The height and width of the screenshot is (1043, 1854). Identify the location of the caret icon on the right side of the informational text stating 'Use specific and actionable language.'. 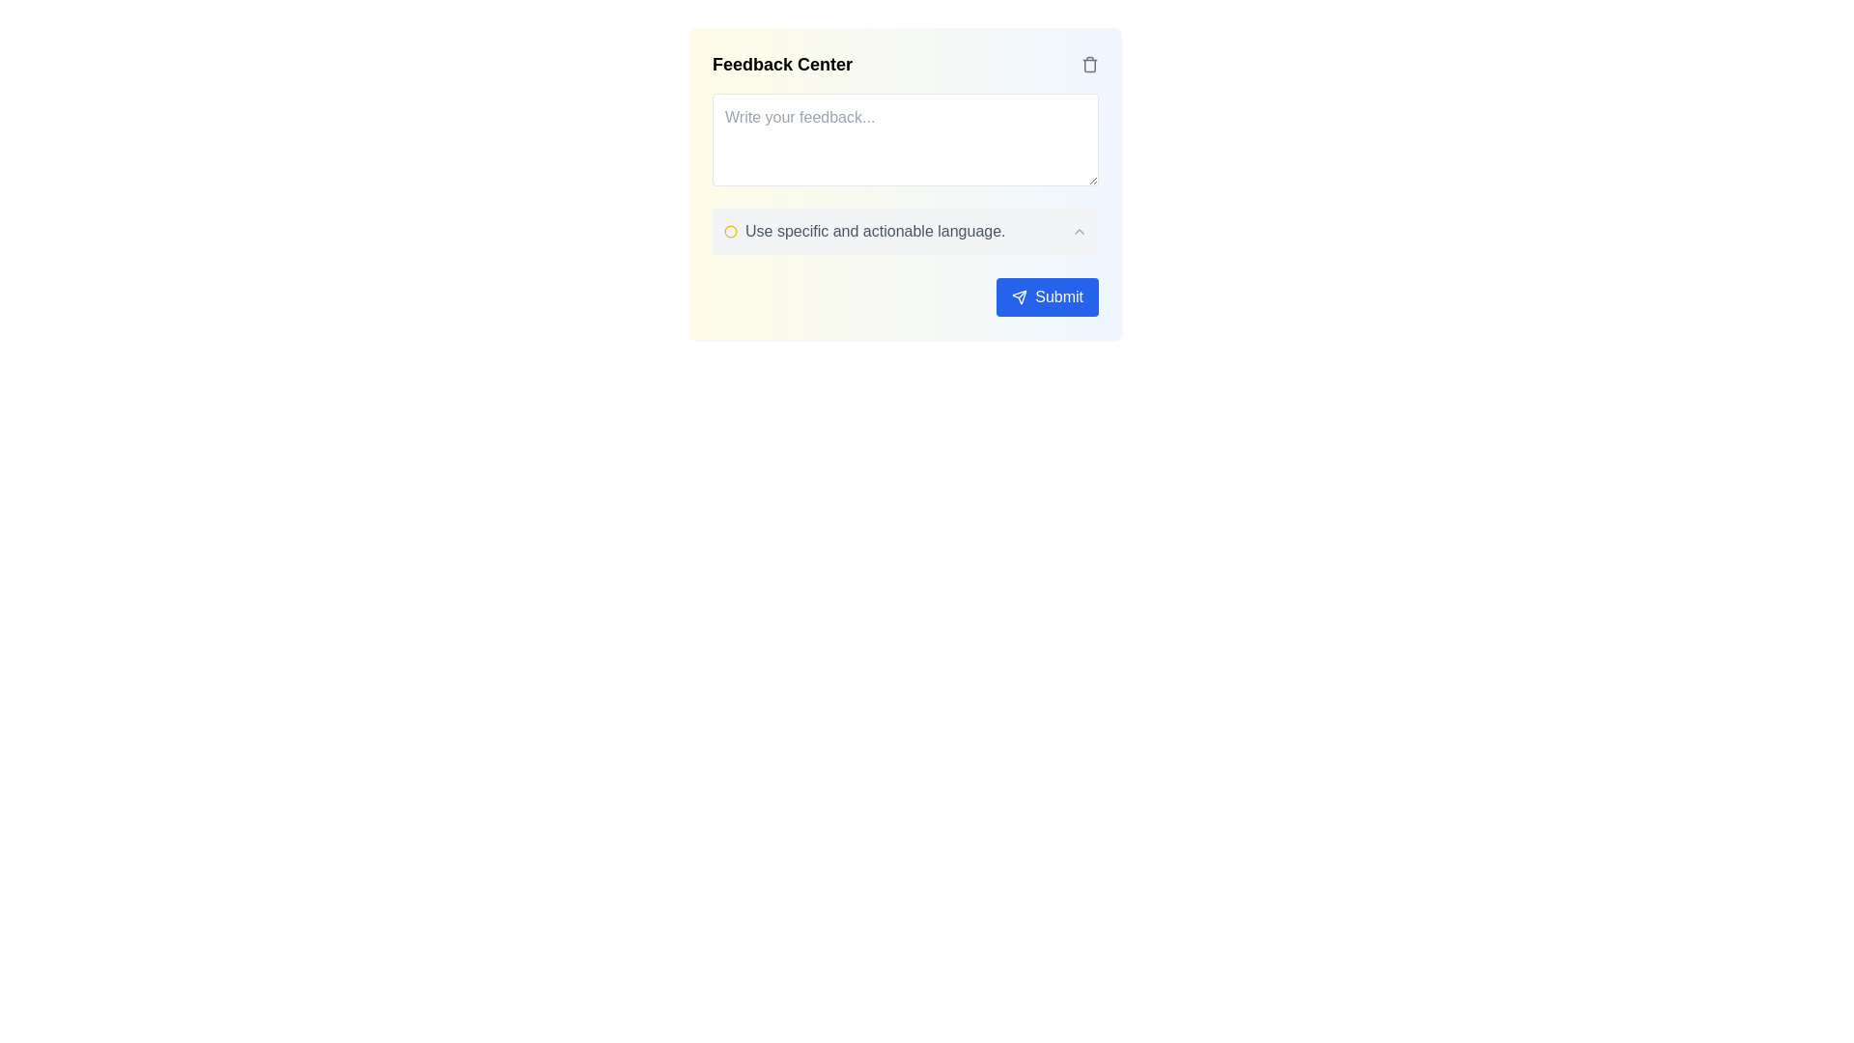
(904, 230).